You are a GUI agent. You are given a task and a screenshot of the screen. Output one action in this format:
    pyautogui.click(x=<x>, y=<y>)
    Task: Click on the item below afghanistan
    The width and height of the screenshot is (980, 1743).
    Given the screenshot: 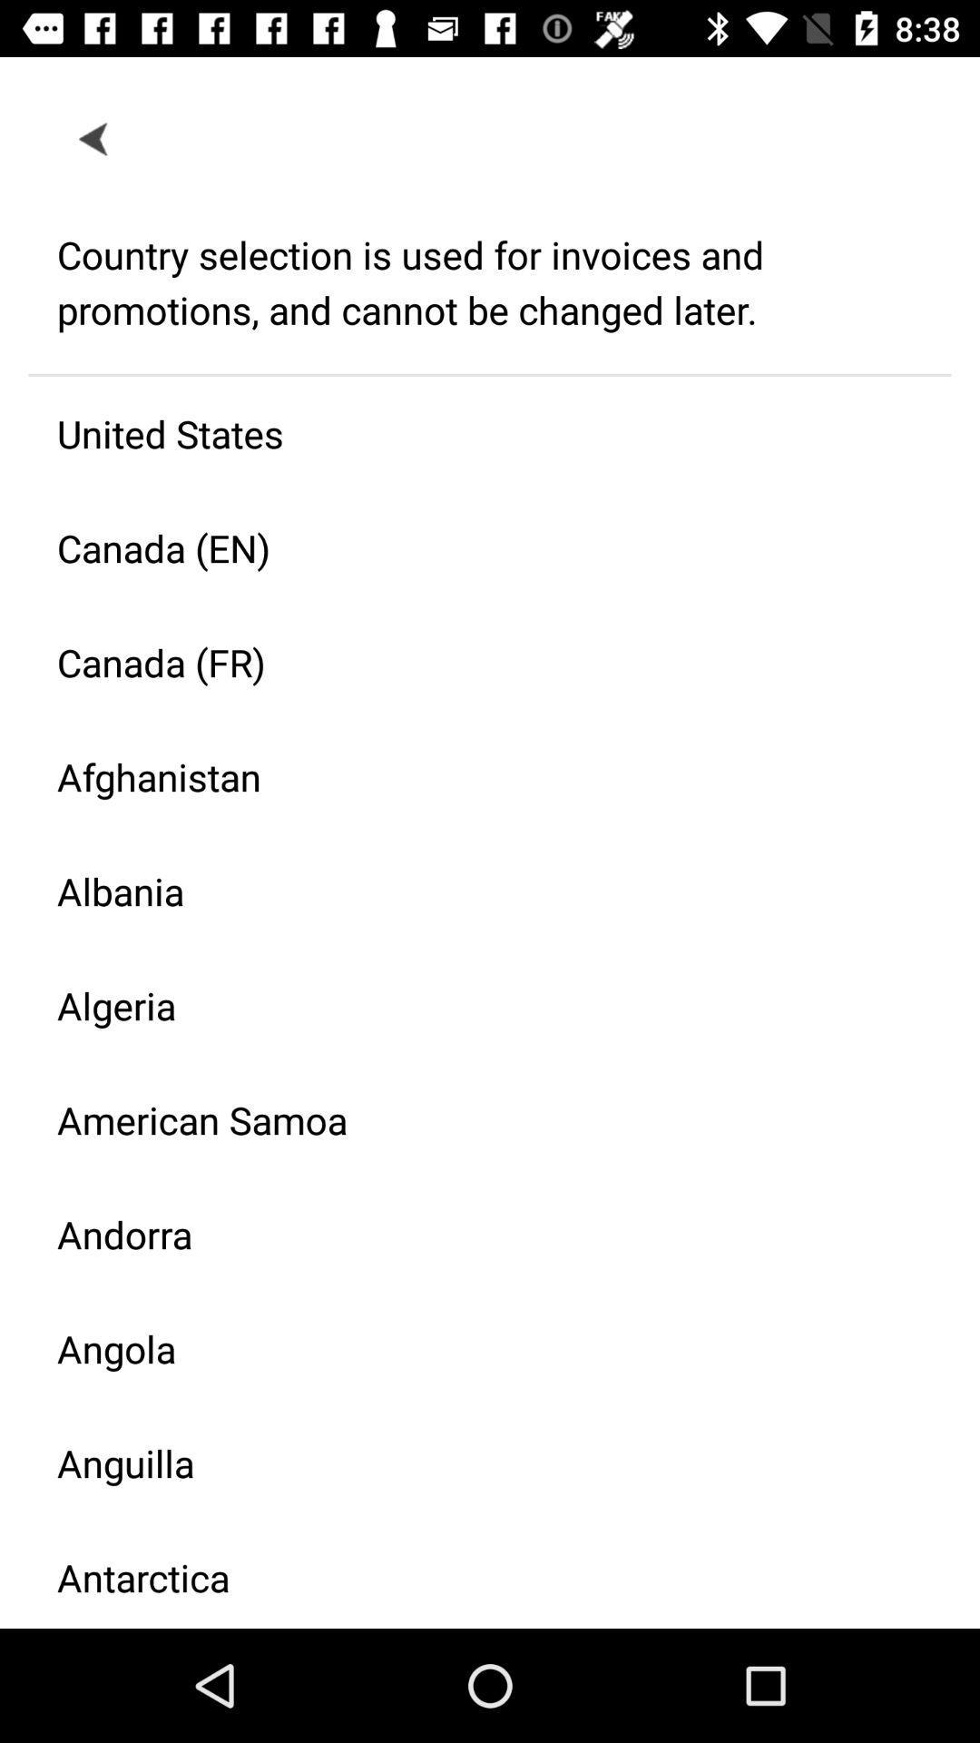 What is the action you would take?
    pyautogui.click(x=475, y=891)
    